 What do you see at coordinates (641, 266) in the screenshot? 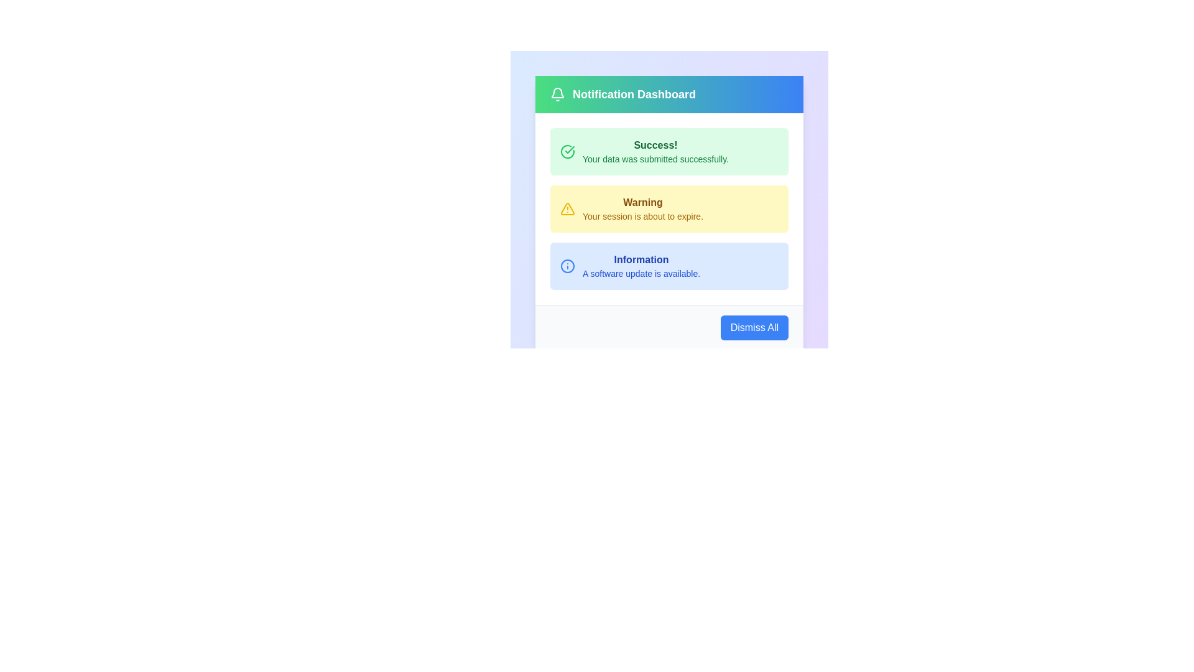
I see `the 'Information' text block which contains the heading 'Information' and the subtext 'A software update is available.'` at bounding box center [641, 266].